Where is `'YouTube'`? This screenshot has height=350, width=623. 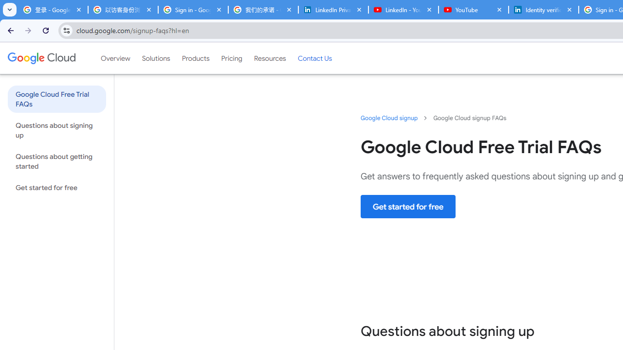 'YouTube' is located at coordinates (473, 10).